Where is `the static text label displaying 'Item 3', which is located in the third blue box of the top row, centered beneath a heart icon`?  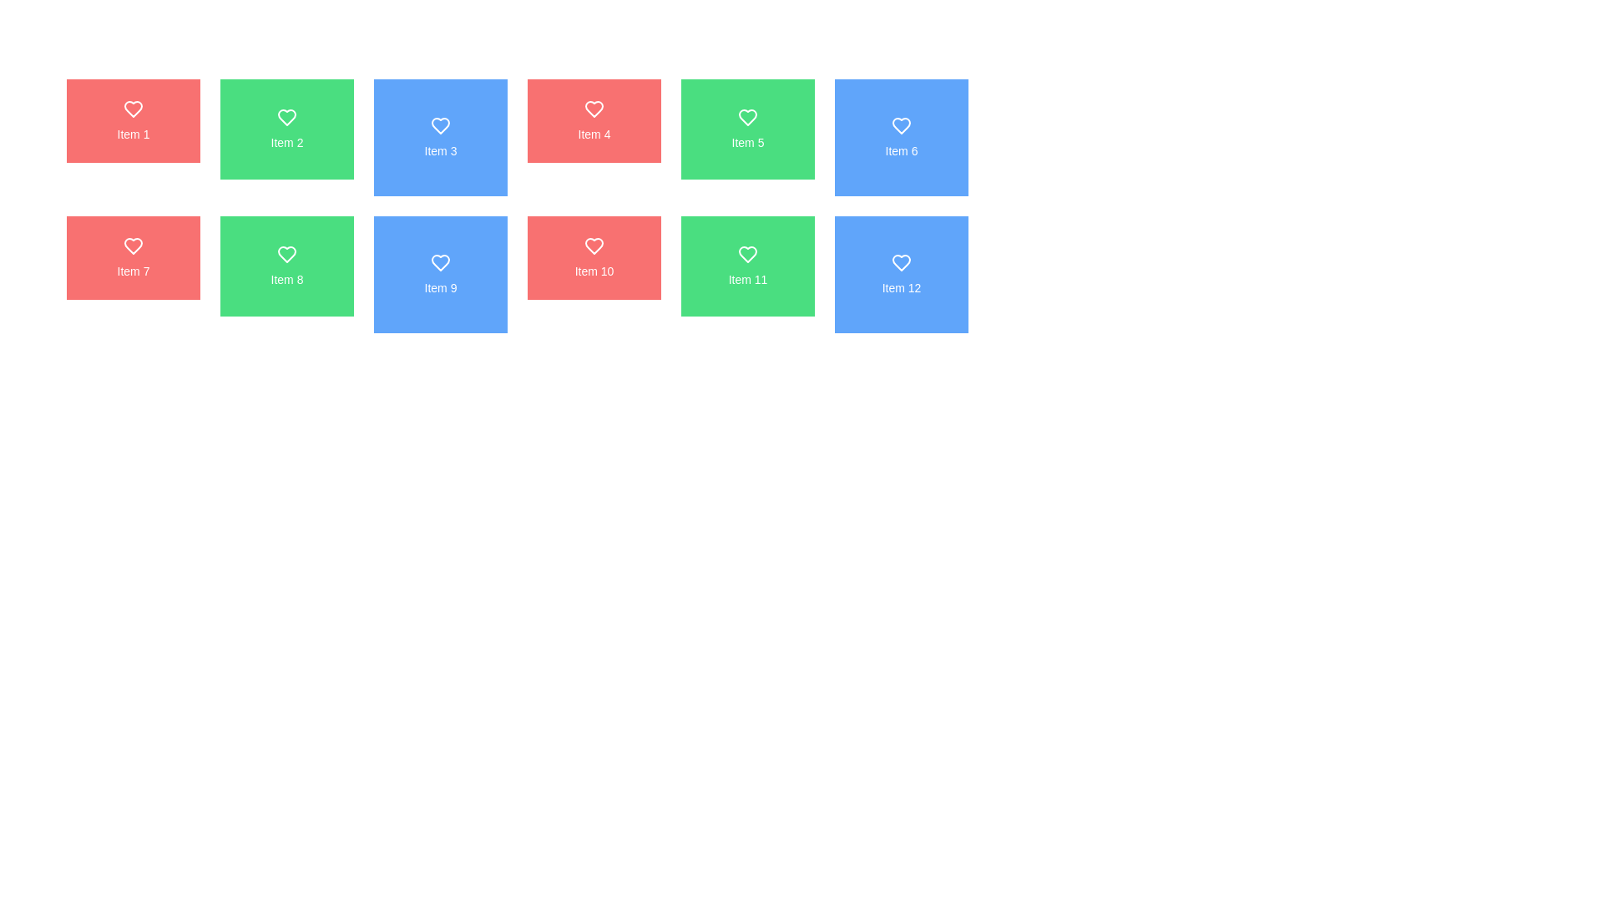 the static text label displaying 'Item 3', which is located in the third blue box of the top row, centered beneath a heart icon is located at coordinates (441, 151).